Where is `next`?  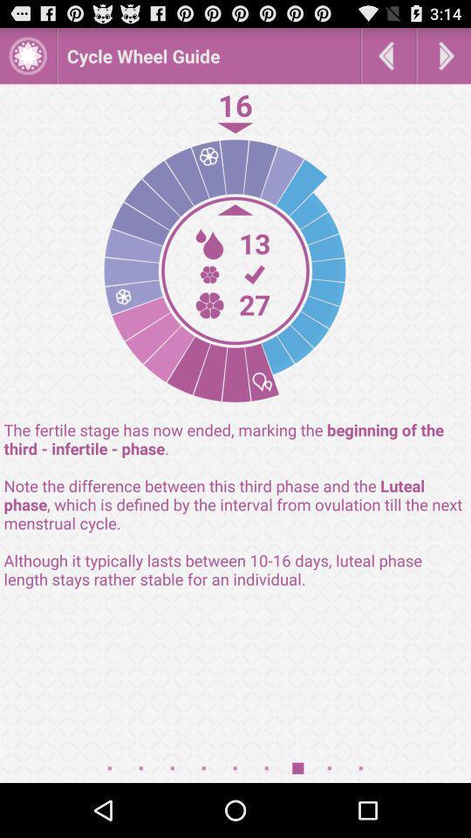 next is located at coordinates (444, 55).